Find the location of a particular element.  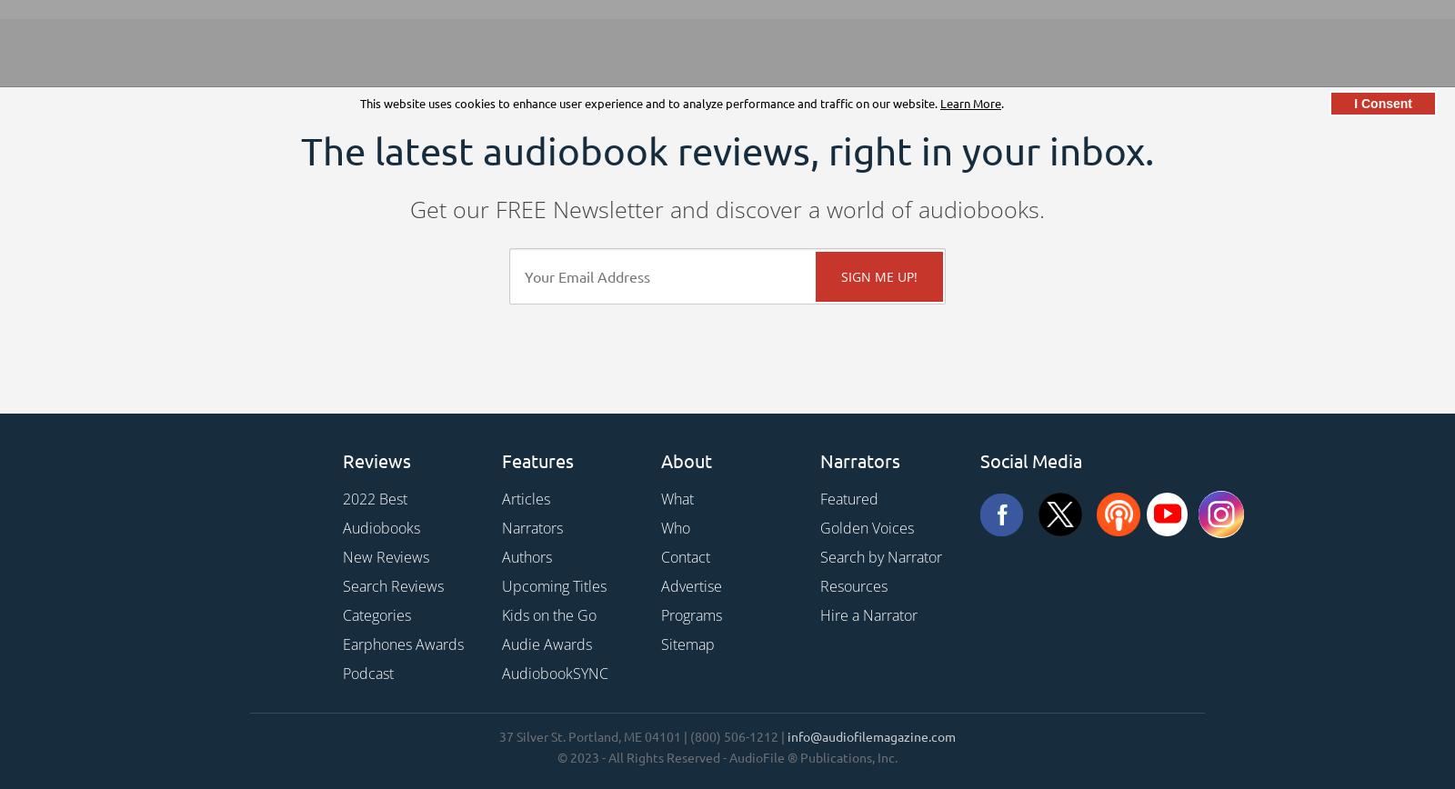

'What' is located at coordinates (677, 499).